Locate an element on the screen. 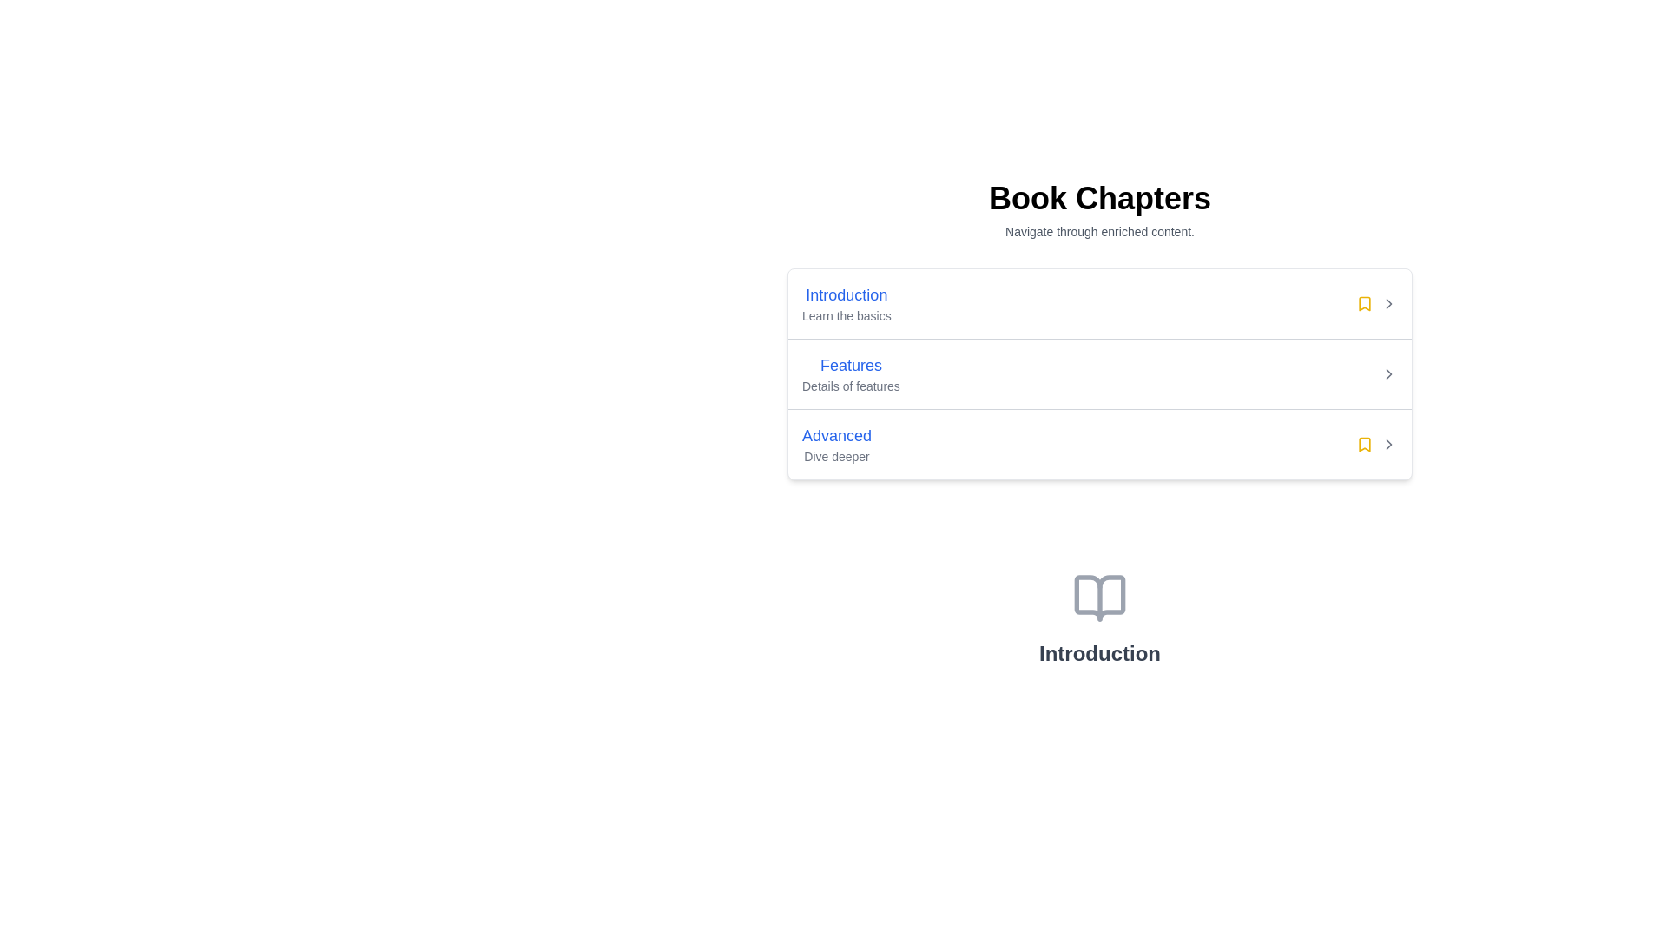 The image size is (1667, 938). the 'Introduction' text heading, which serves as a title summarizing the section's content is located at coordinates (1099, 653).